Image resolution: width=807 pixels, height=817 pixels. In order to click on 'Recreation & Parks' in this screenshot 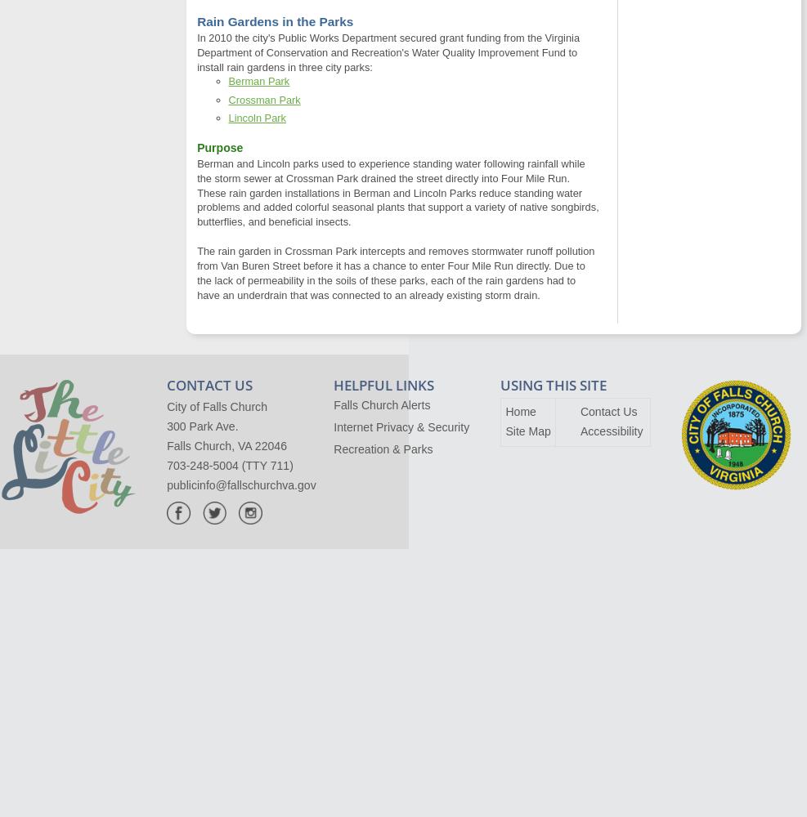, I will do `click(382, 449)`.